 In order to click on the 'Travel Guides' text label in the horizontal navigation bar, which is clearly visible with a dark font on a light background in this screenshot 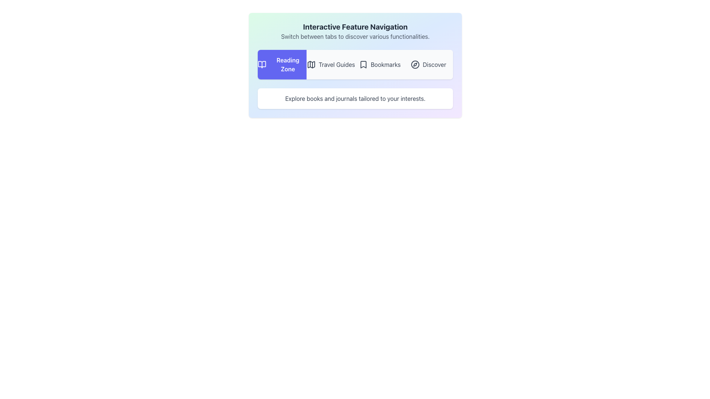, I will do `click(337, 64)`.